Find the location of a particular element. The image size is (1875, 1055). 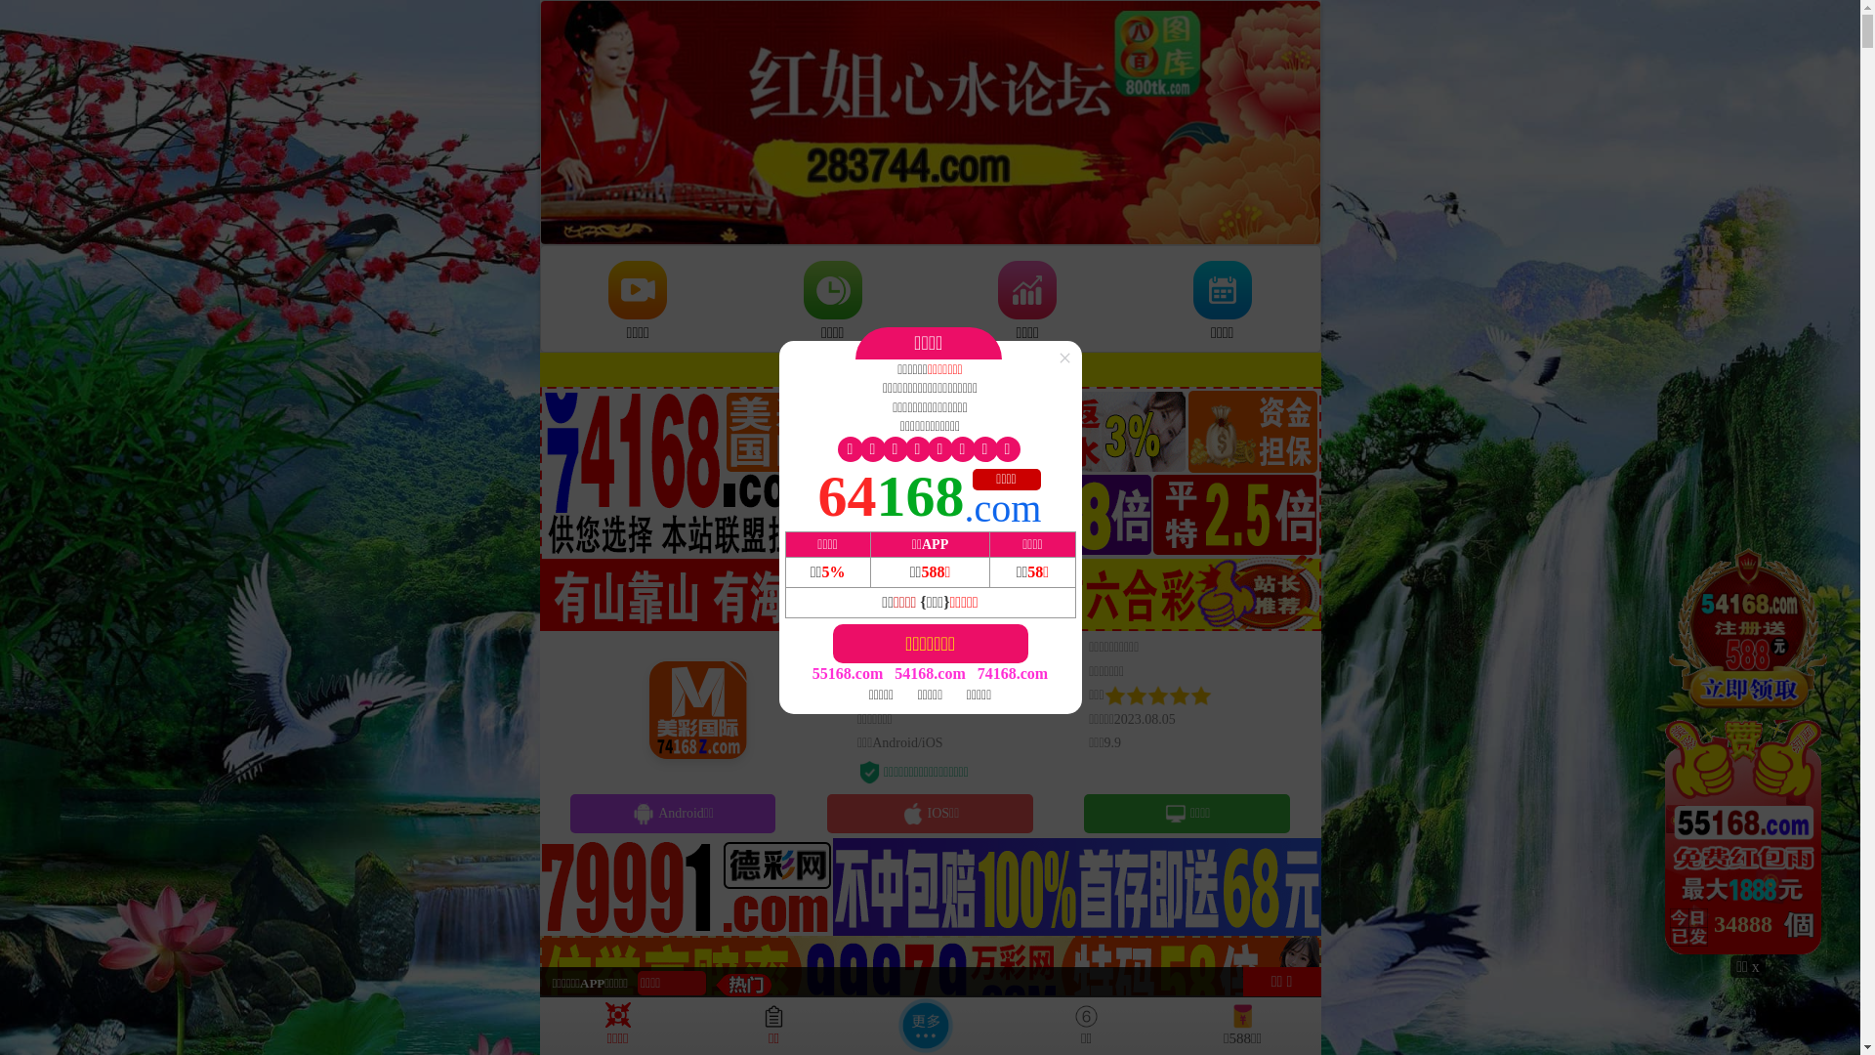

'35141' is located at coordinates (1748, 749).